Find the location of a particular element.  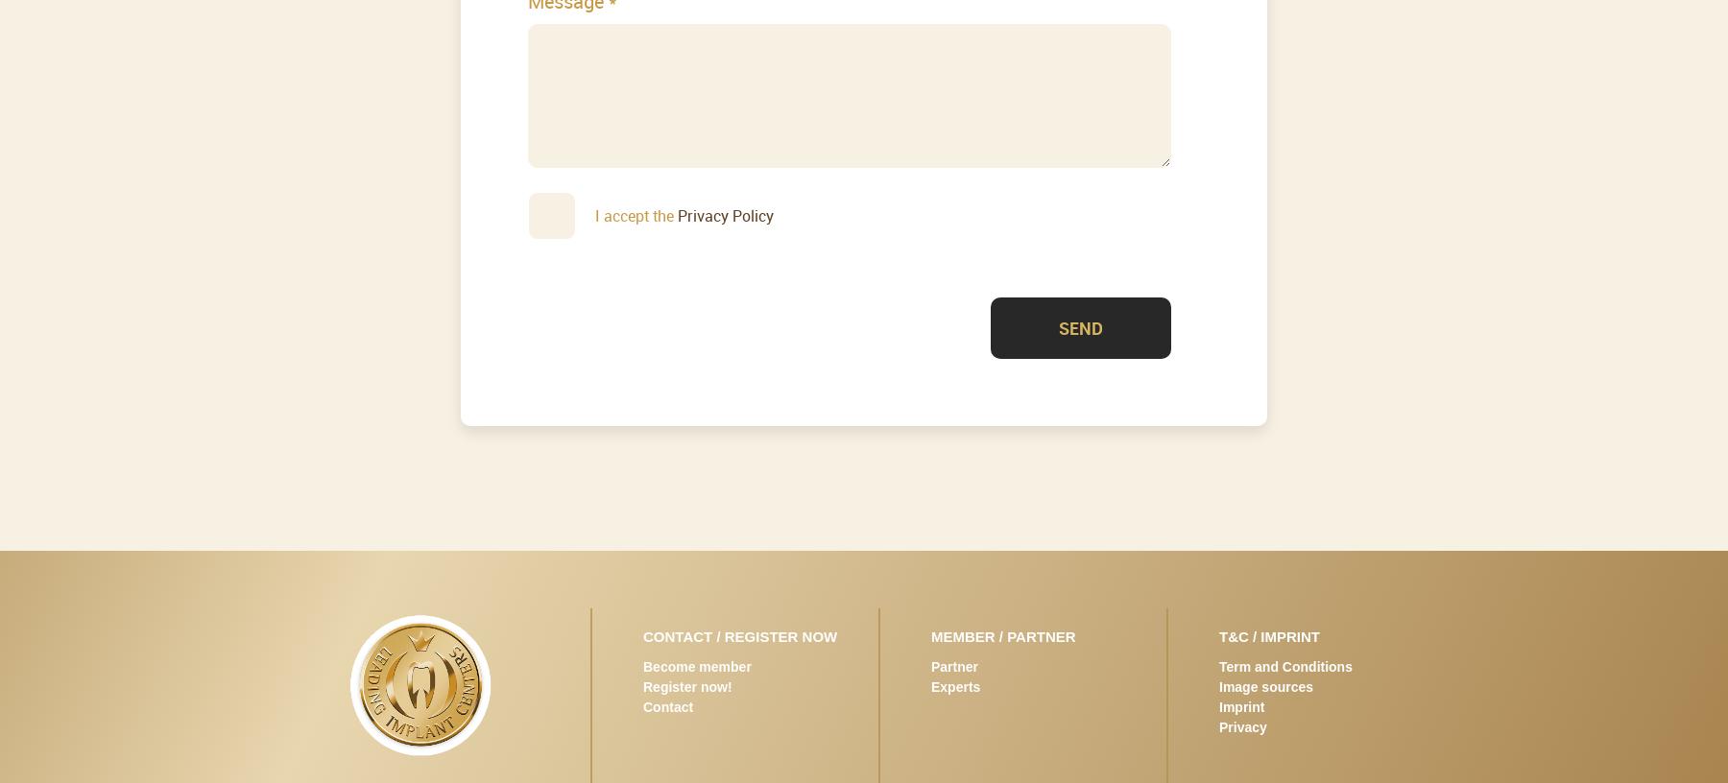

'Member / Partner' is located at coordinates (930, 634).